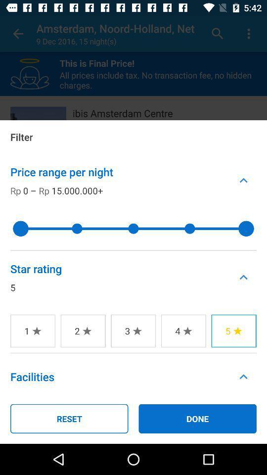  Describe the element at coordinates (197, 418) in the screenshot. I see `the icon next to the reset icon` at that location.